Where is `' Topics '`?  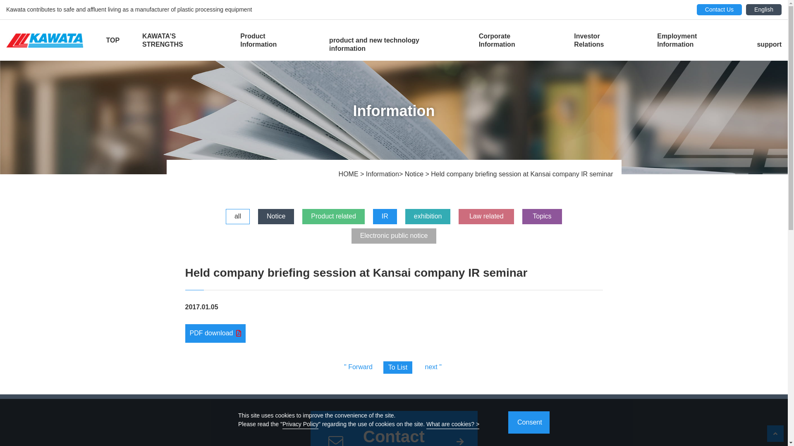 ' Topics ' is located at coordinates (542, 216).